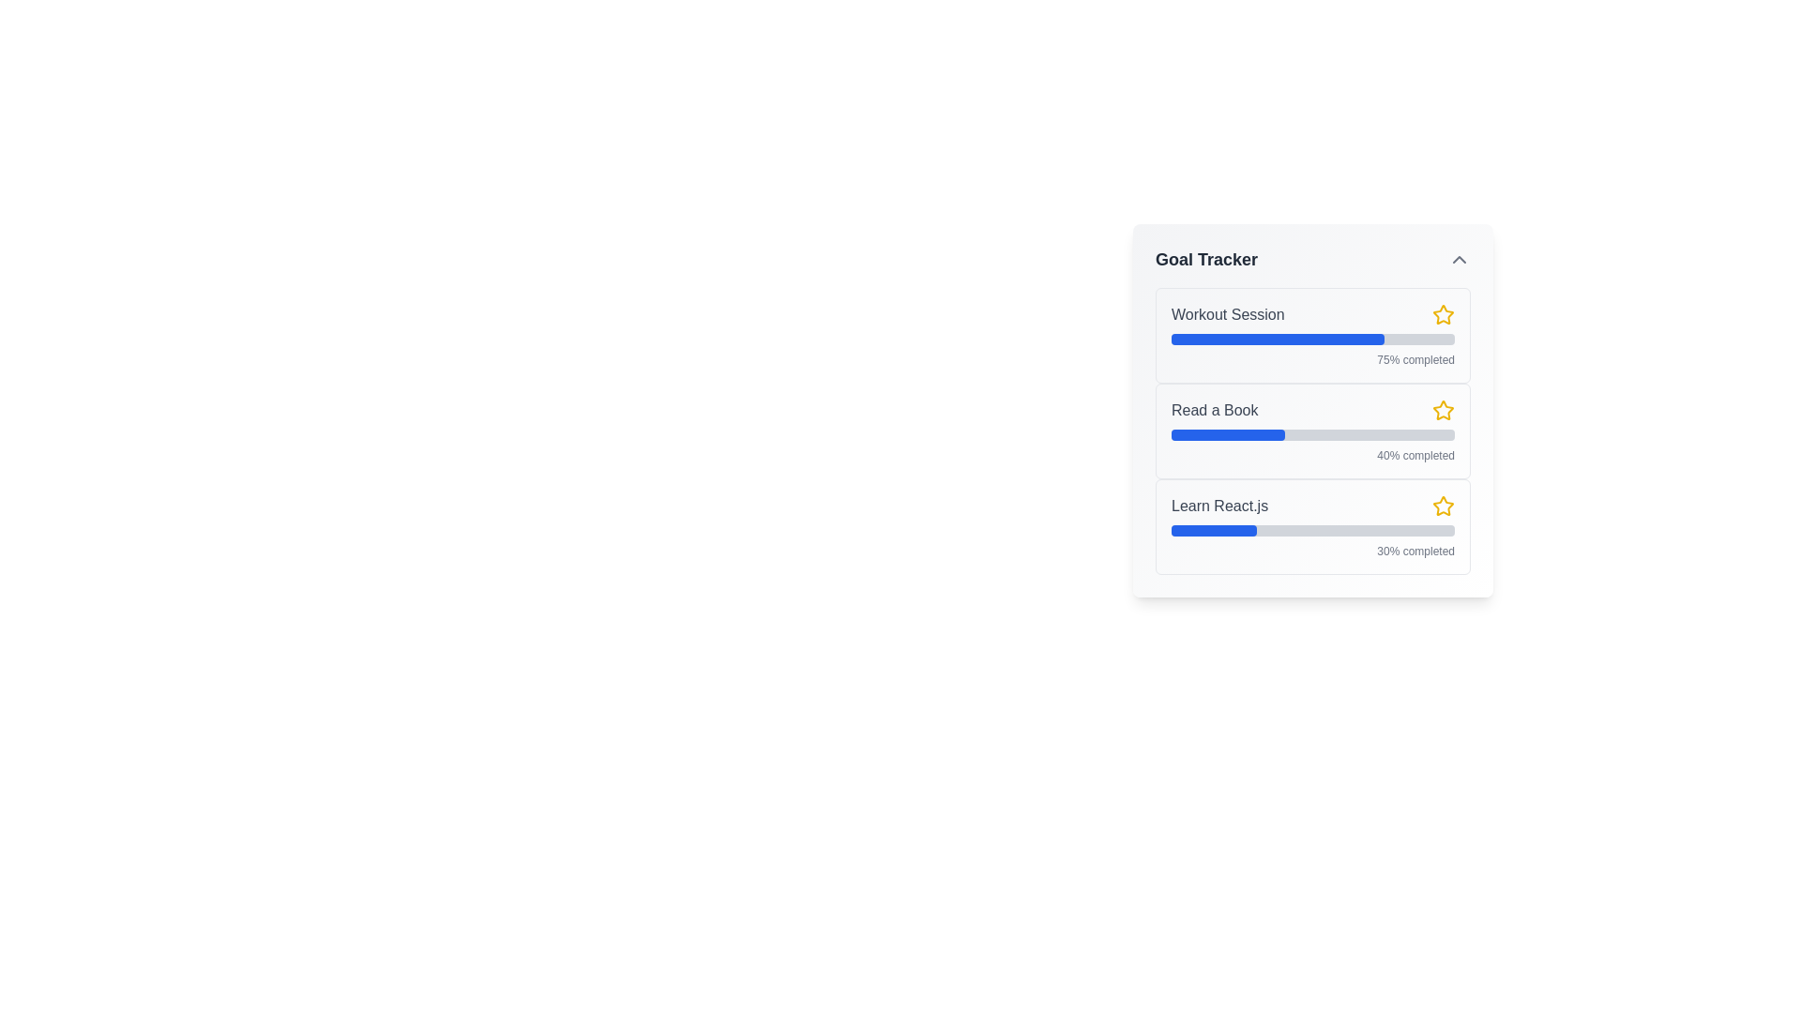  I want to click on the progress bar that visually represents the 75% completeness of the 'Workout Session' task, located below the 'Workout Session' title and above the '75% completed' text within the first goal tracking card of the 'Goal Tracker' interface, so click(1312, 340).